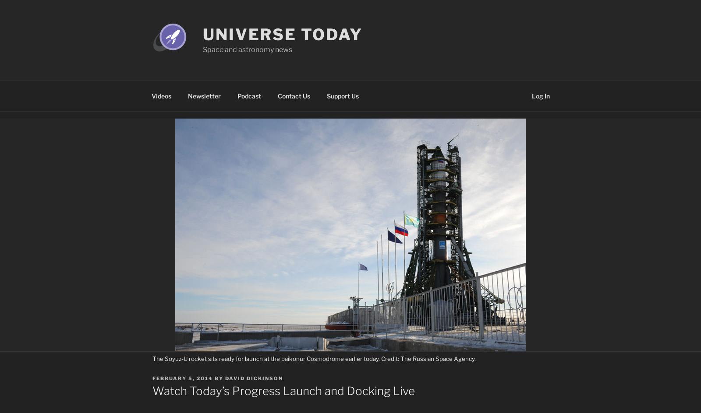 This screenshot has height=413, width=701. I want to click on 'The Soyuz-U rocket sits ready for launch at the baikonur Cosmodrome earlier today. Credit: The Russian Space Agency.', so click(314, 358).